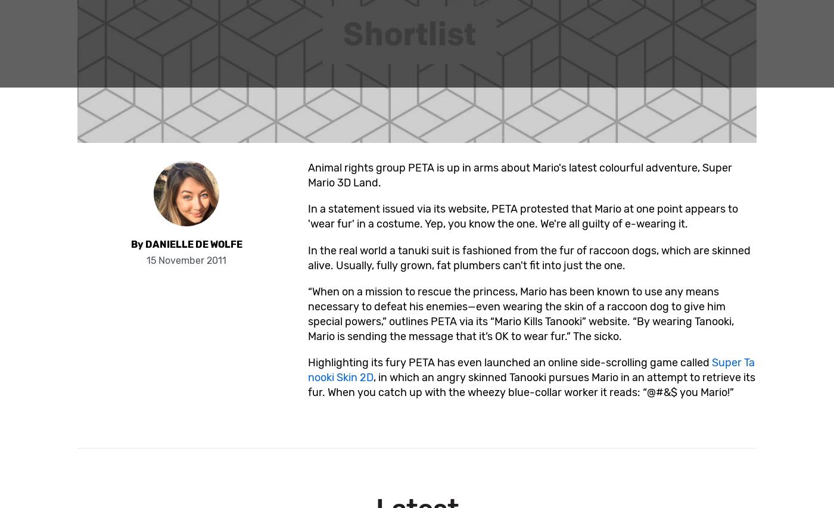  Describe the element at coordinates (193, 243) in the screenshot. I see `'Danielle de Wolfe'` at that location.